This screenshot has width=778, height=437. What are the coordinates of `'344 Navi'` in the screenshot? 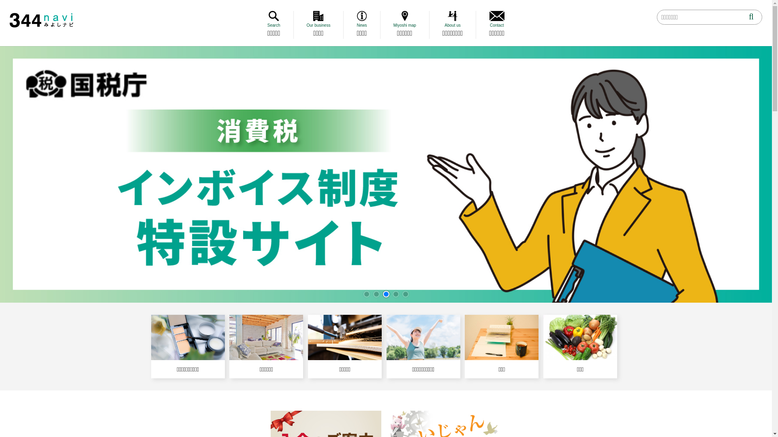 It's located at (41, 20).